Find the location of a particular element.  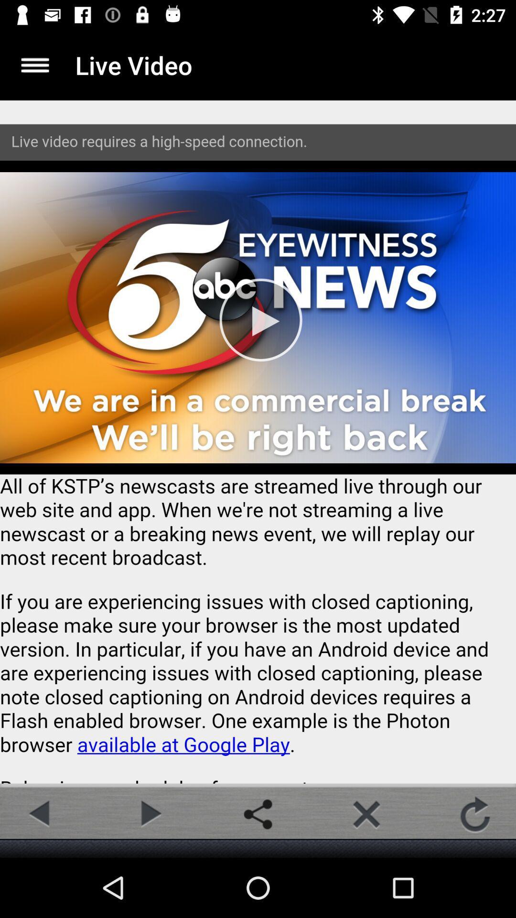

refresh is located at coordinates (475, 814).